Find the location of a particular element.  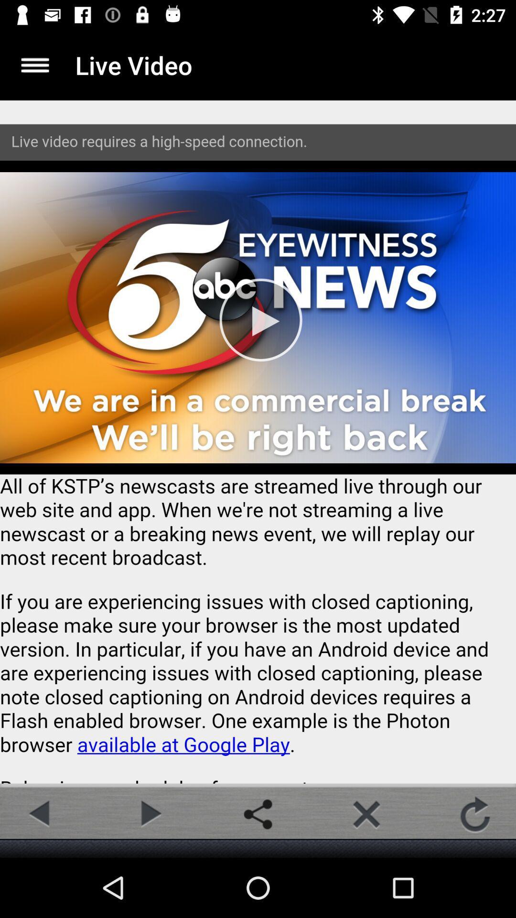

refresh is located at coordinates (475, 814).